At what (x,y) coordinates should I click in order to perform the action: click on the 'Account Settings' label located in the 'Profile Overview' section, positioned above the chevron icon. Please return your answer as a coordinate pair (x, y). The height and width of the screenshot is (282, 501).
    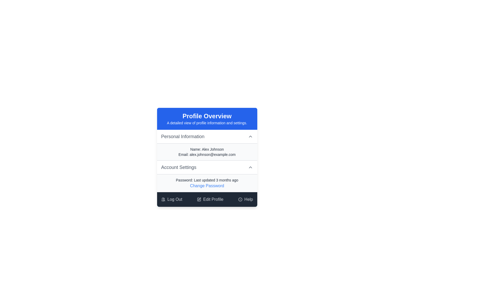
    Looking at the image, I should click on (179, 167).